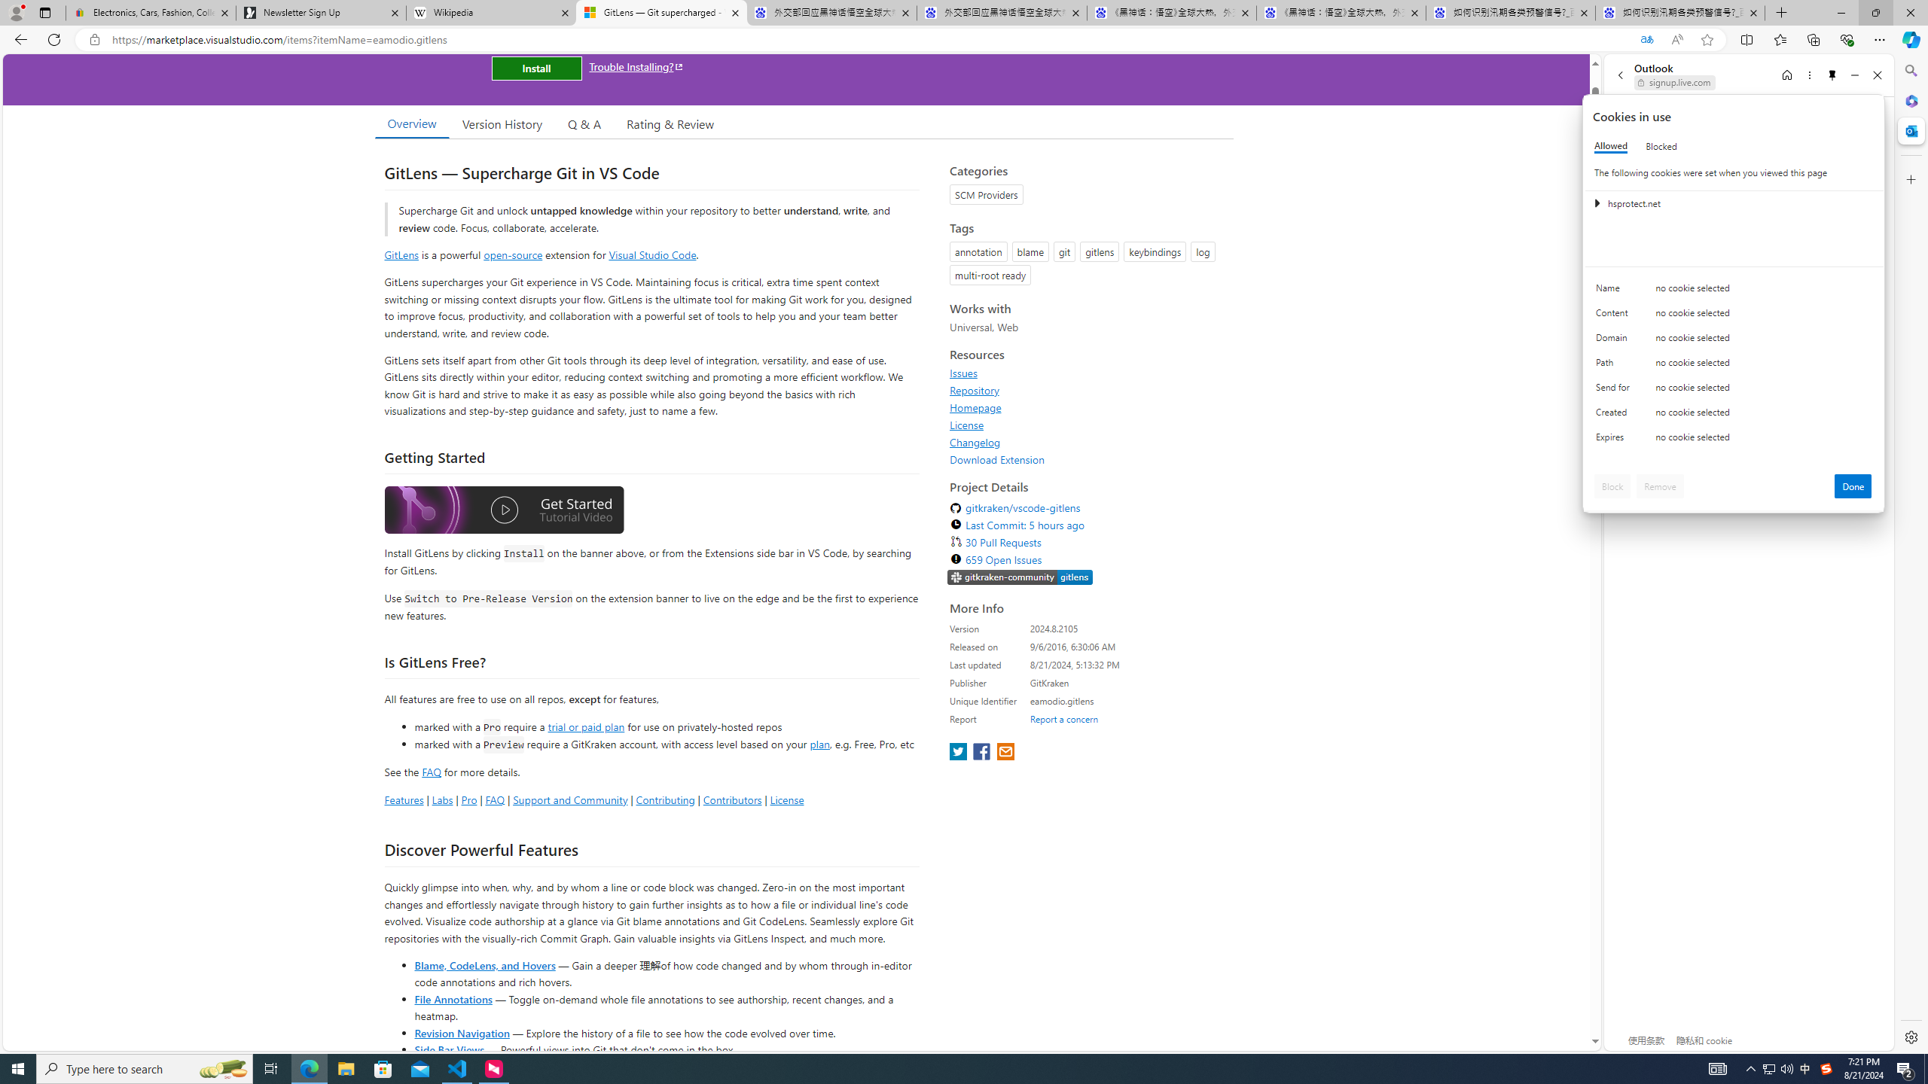 Image resolution: width=1928 pixels, height=1084 pixels. Describe the element at coordinates (1763, 440) in the screenshot. I see `'no cookie selected'` at that location.